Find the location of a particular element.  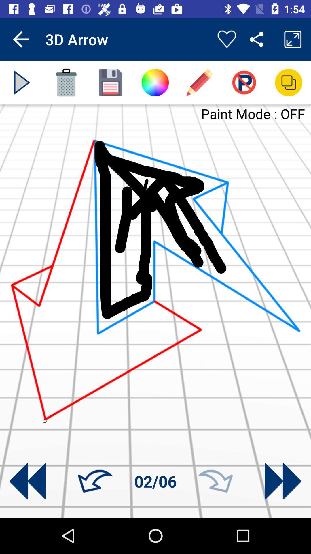

image is located at coordinates (111, 82).